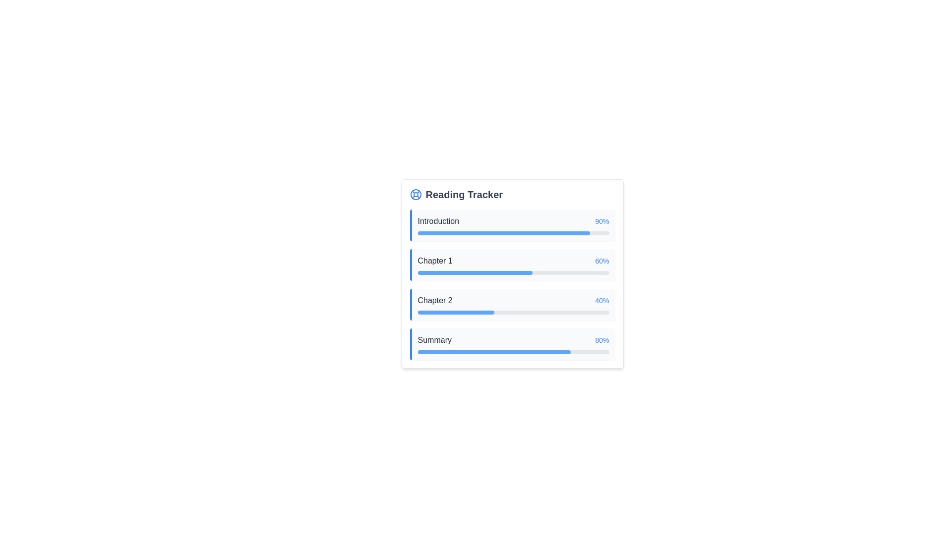 The height and width of the screenshot is (535, 952). Describe the element at coordinates (435, 261) in the screenshot. I see `the text label displaying 'Chapter 1', which is styled in dark gray and is the leftmost text in its horizontal layout, positioned above 'Chapter 2' and below 'Introduction'` at that location.